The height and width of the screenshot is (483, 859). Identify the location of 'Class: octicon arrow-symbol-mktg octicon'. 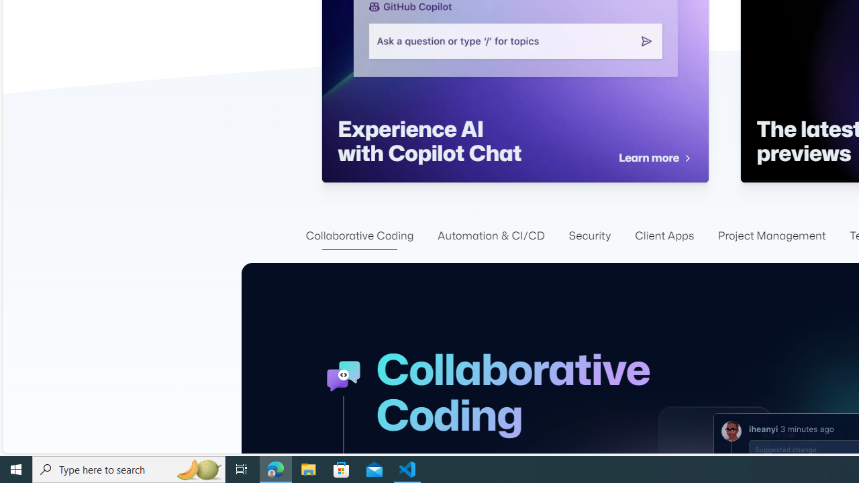
(687, 158).